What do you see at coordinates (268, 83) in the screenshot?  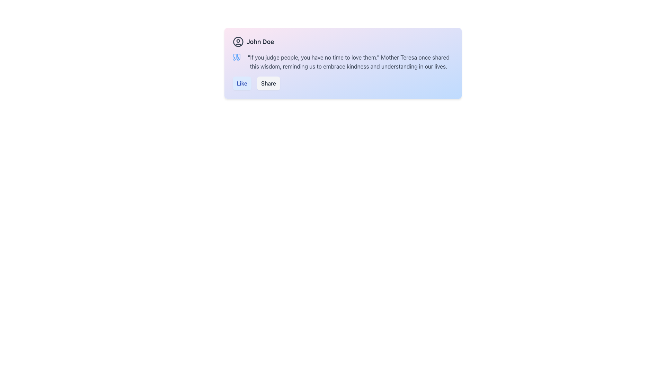 I see `the 'Share' button with a light gray background and dark gray text located on the right side of the 'Like' button at the bottom of the card` at bounding box center [268, 83].